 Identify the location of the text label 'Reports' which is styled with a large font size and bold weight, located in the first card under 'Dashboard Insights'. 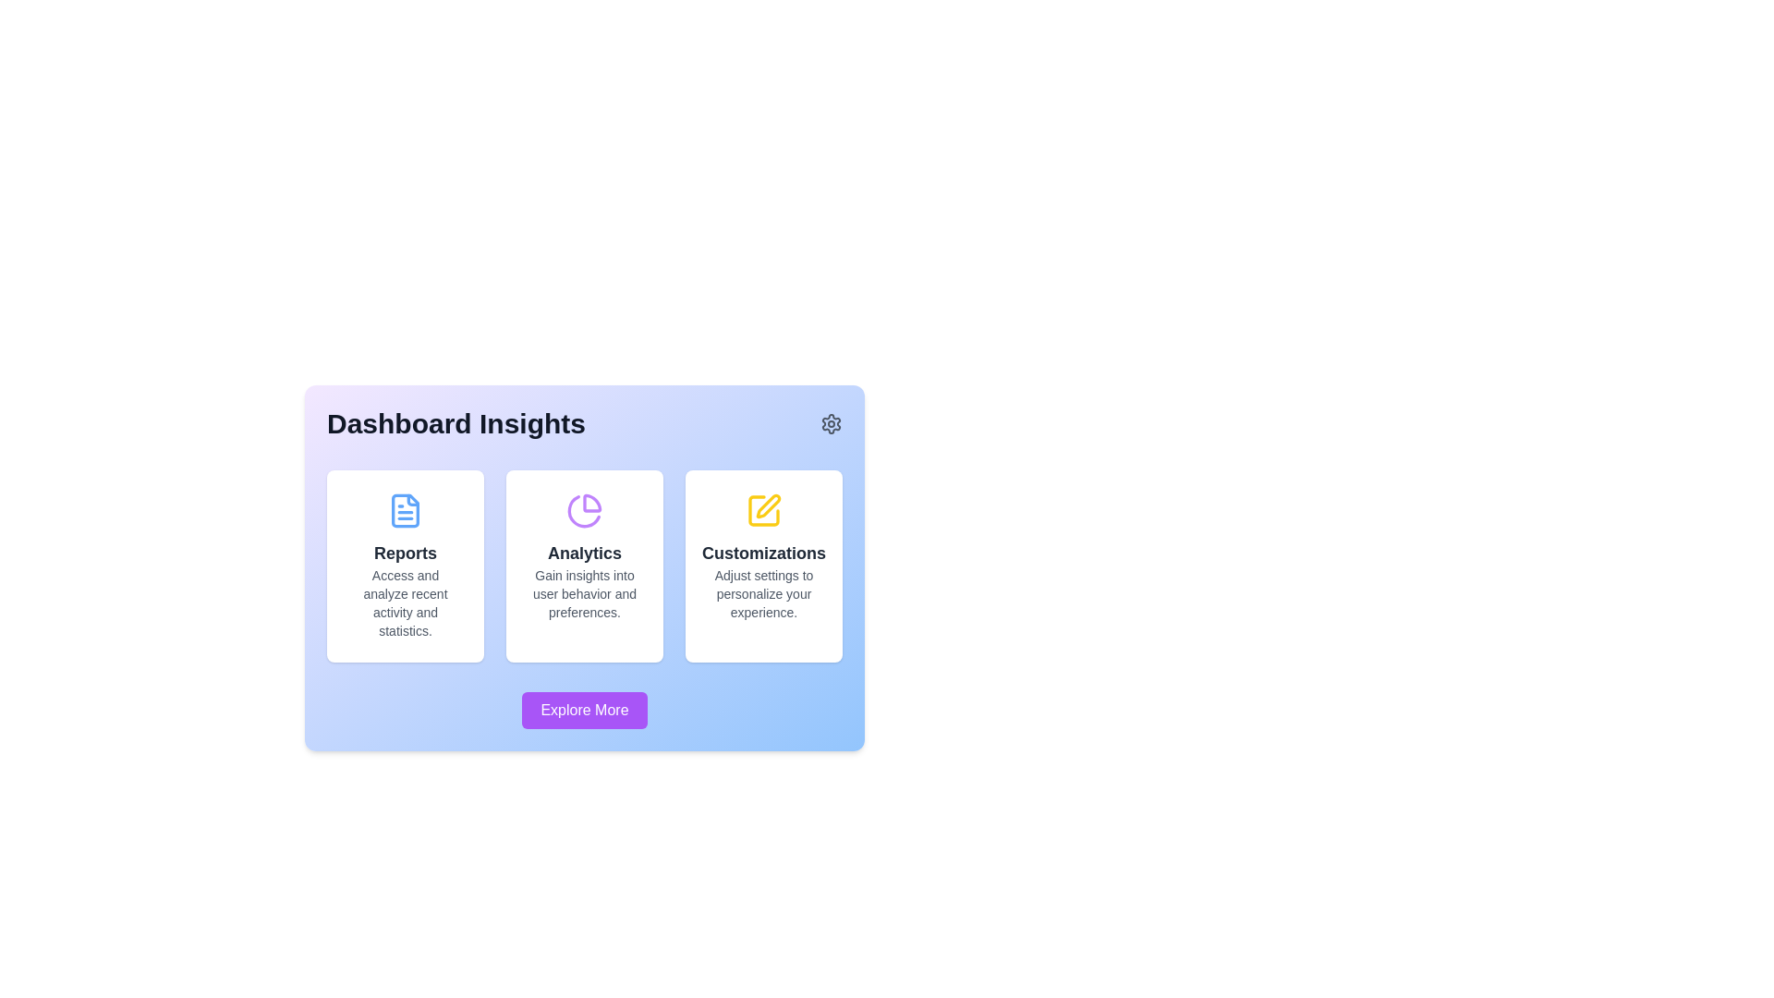
(404, 552).